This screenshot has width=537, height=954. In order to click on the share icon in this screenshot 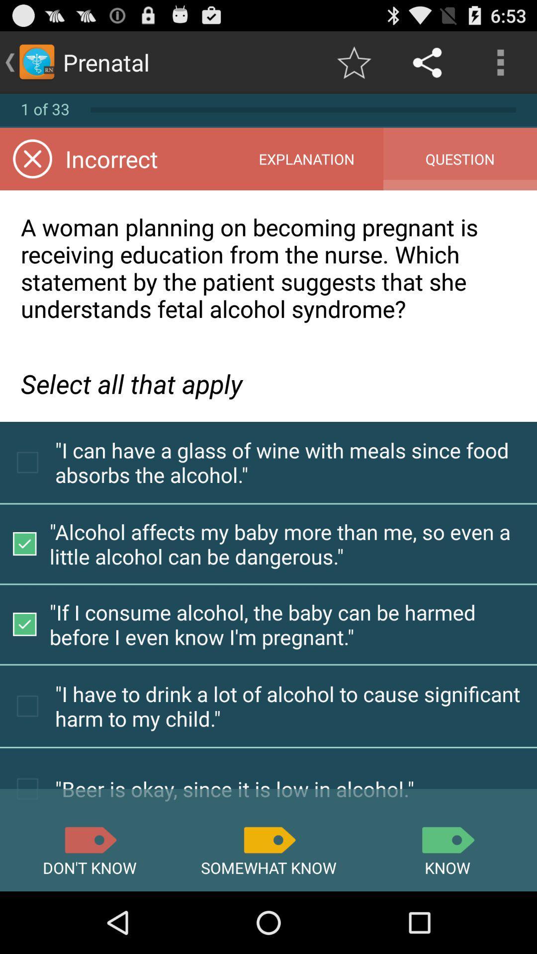, I will do `click(427, 62)`.